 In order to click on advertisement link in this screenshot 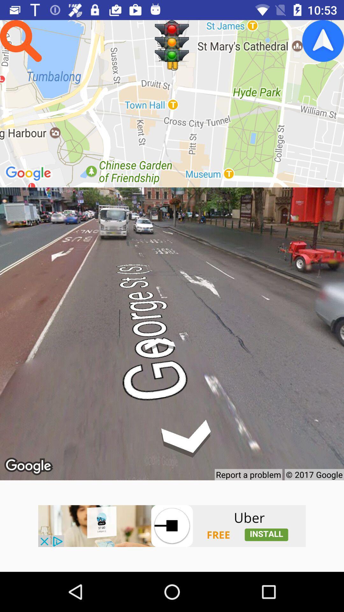, I will do `click(172, 526)`.